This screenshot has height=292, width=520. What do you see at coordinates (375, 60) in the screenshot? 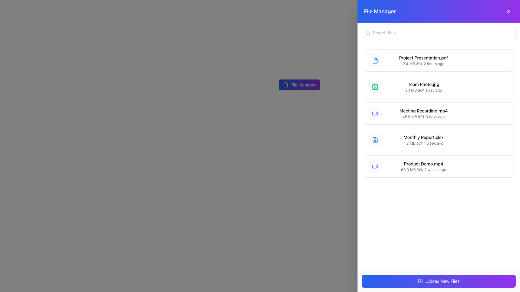
I see `the small blue document icon located in the upper section of the vertical list in the file manager, which corresponds to the first item 'Project Presentation.pdf'` at bounding box center [375, 60].